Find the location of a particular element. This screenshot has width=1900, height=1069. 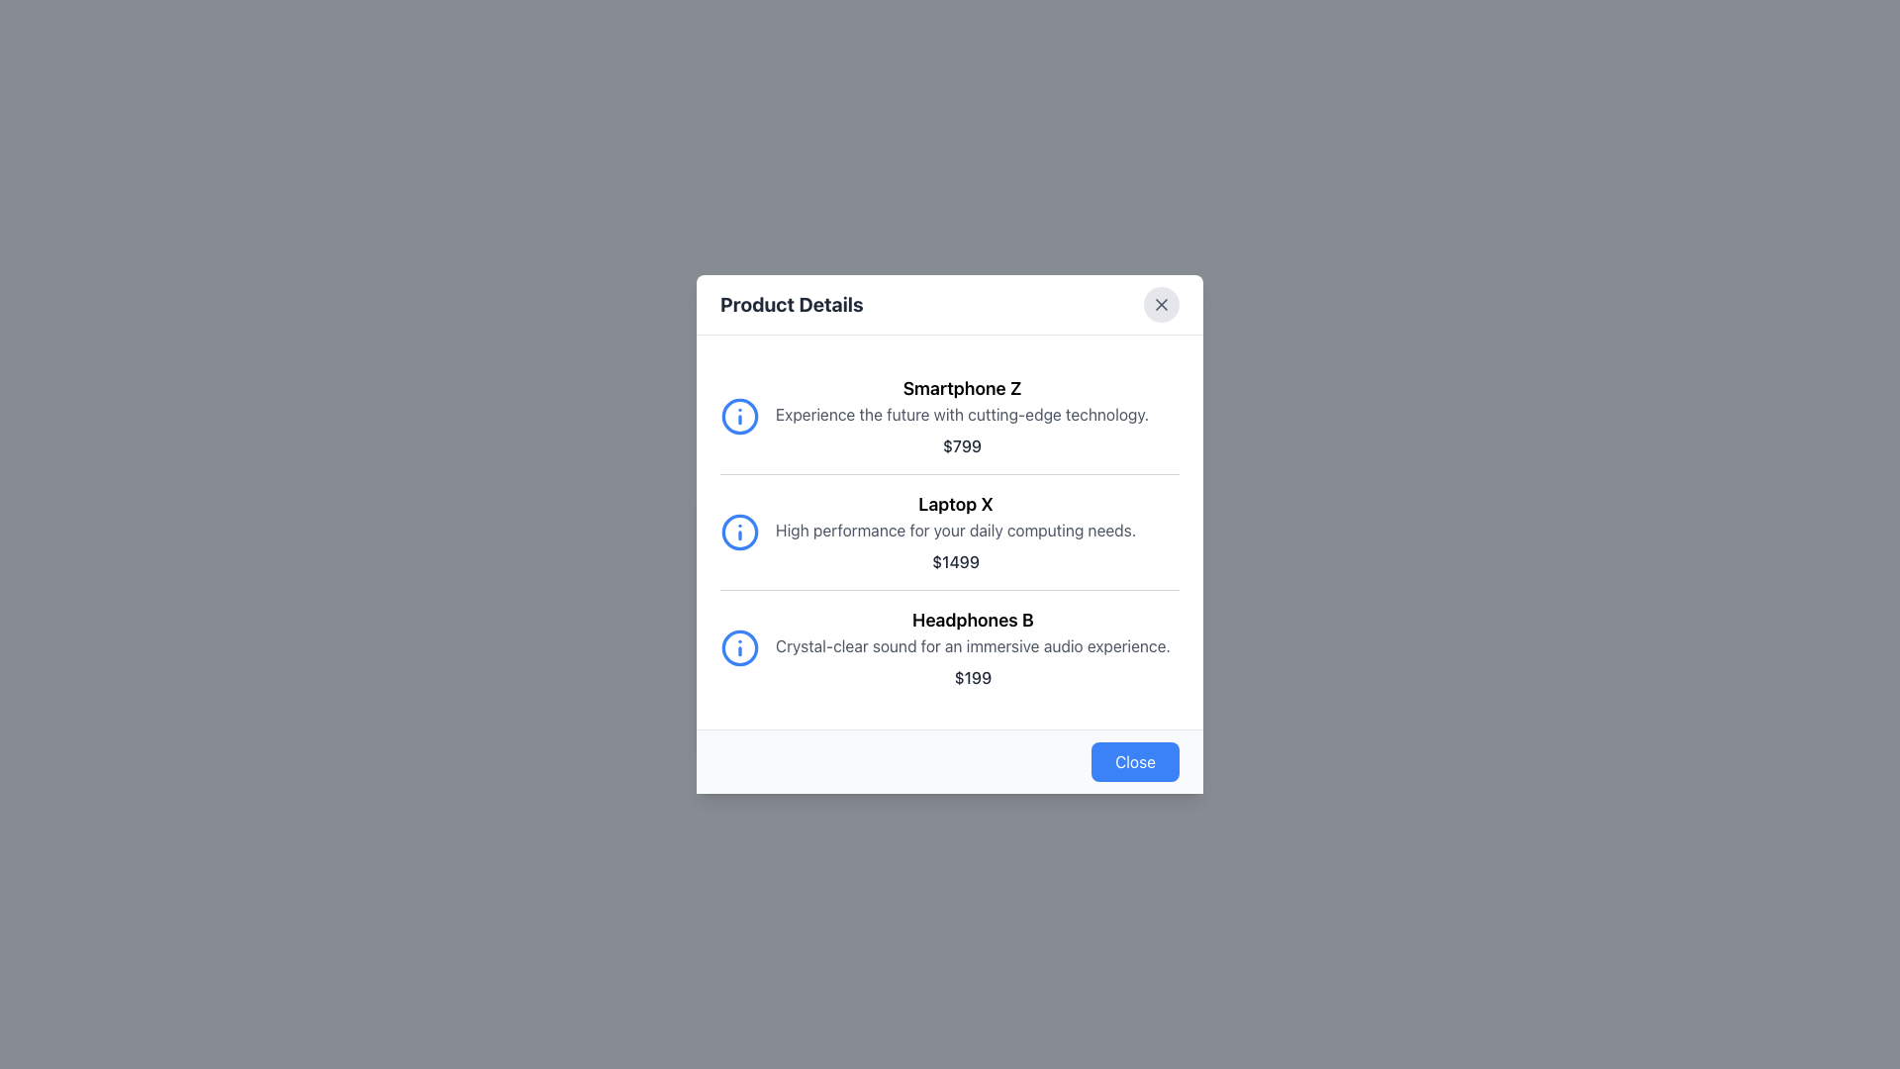

the informational display item for 'Headphones B', which is the third item in the product list, located in the modal dialog box's main content area is located at coordinates (973, 648).